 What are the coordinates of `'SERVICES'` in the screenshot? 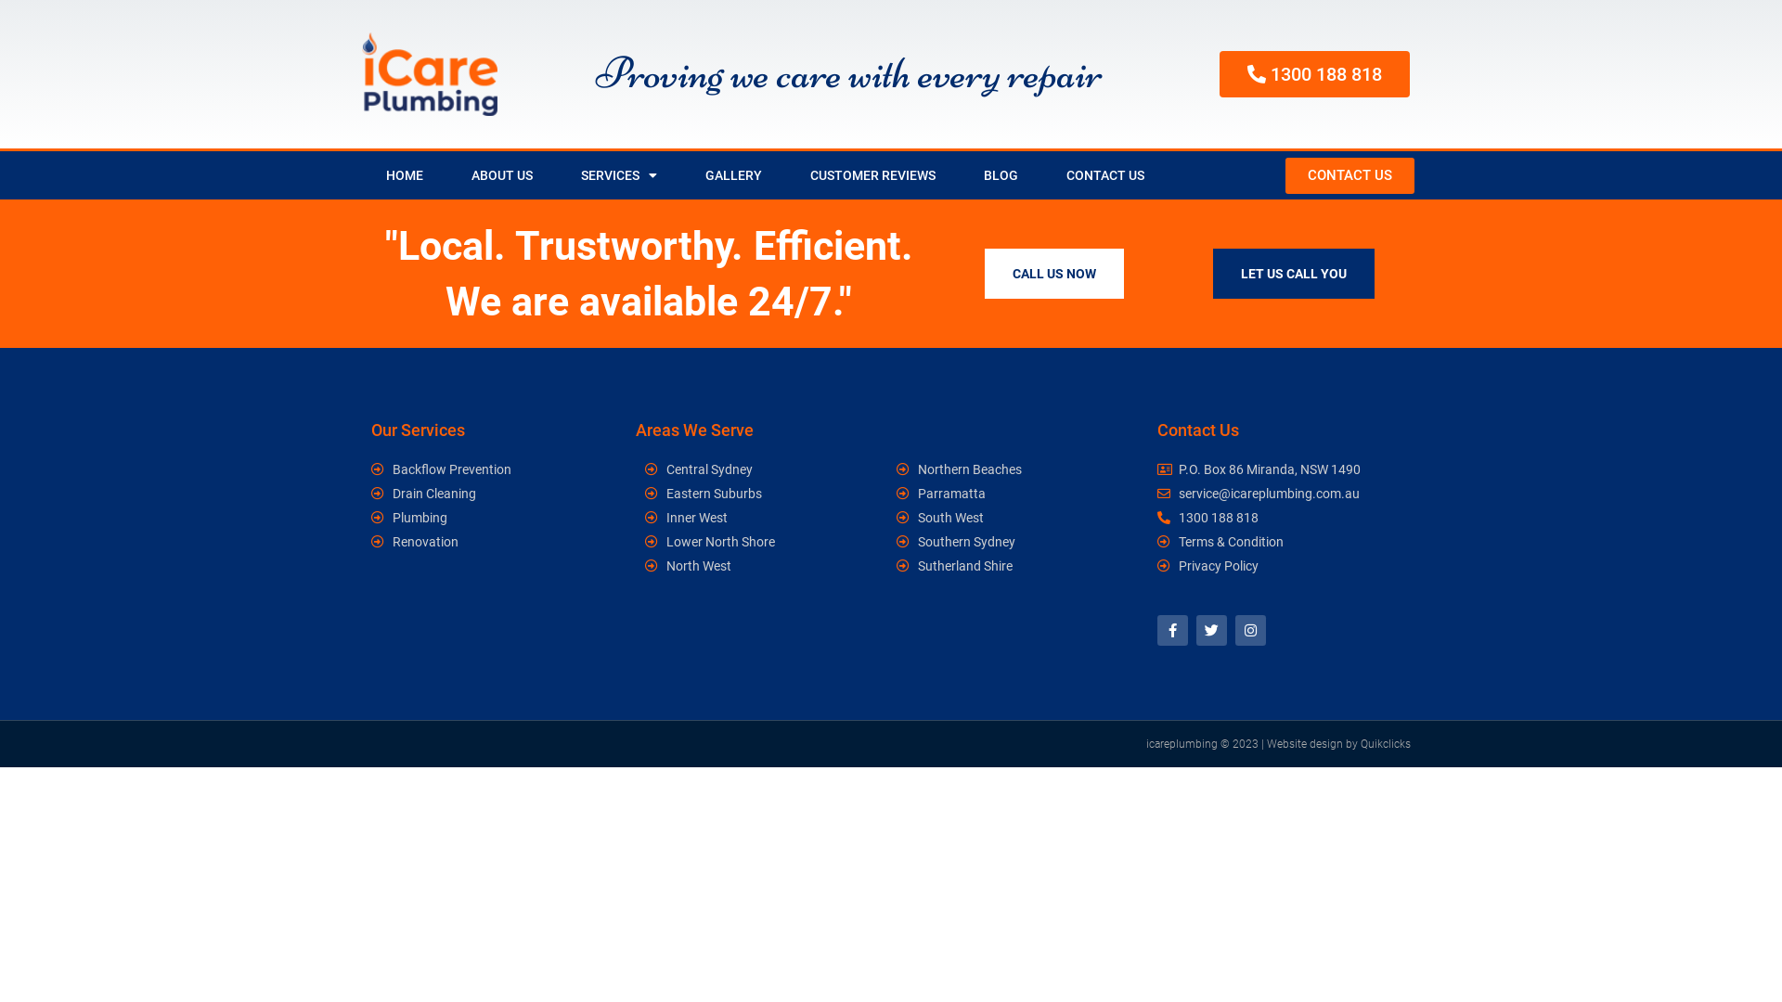 It's located at (619, 175).